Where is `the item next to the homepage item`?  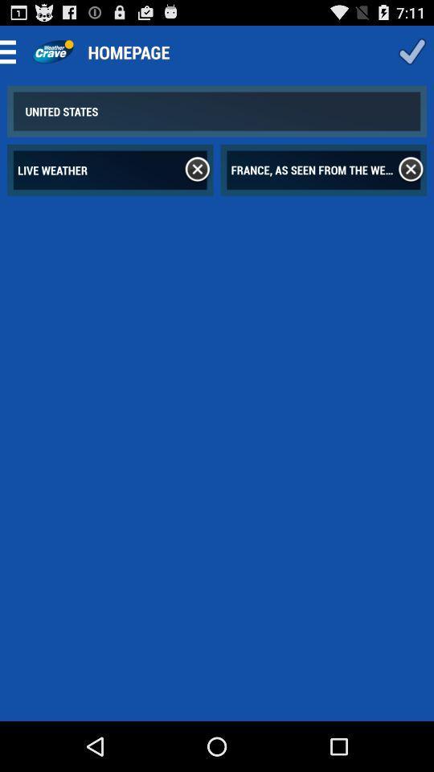
the item next to the homepage item is located at coordinates (411, 51).